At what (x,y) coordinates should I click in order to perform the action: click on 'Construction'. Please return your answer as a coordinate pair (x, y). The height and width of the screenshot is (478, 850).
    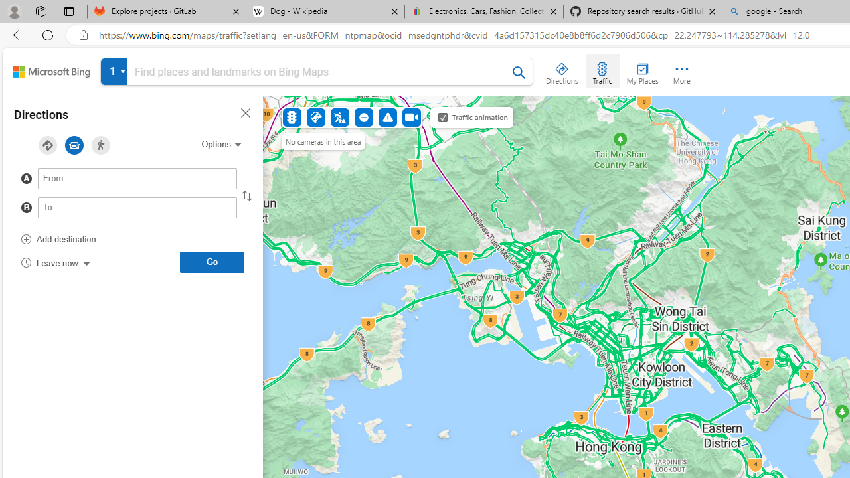
    Looking at the image, I should click on (340, 116).